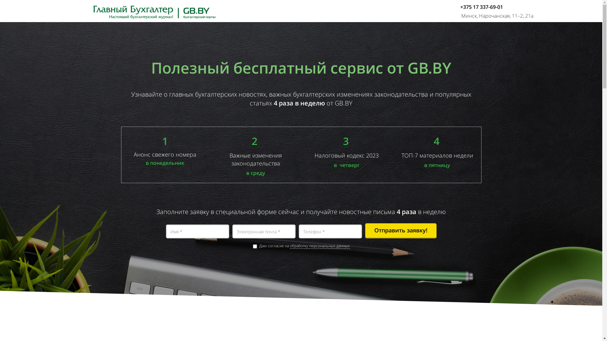  Describe the element at coordinates (481, 7) in the screenshot. I see `'+375 17 337-69-01'` at that location.